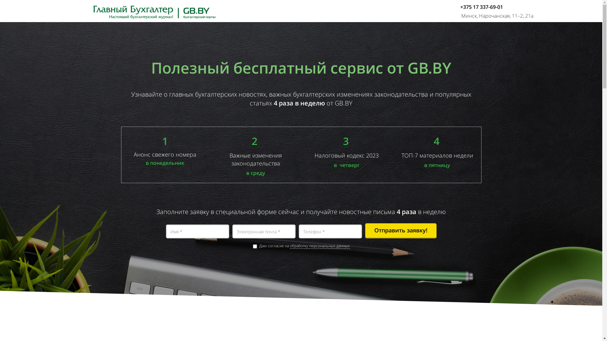  Describe the element at coordinates (481, 7) in the screenshot. I see `'+375 17 337-69-01'` at that location.